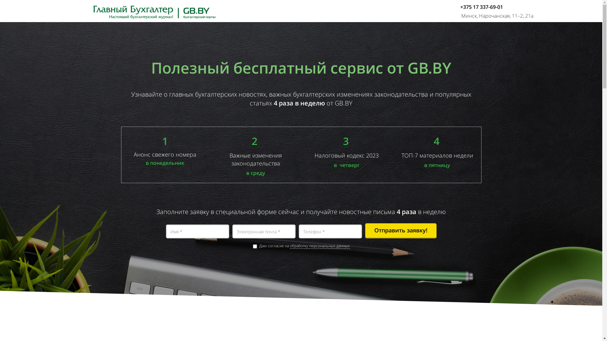  Describe the element at coordinates (481, 7) in the screenshot. I see `'+375 17 337-69-01'` at that location.